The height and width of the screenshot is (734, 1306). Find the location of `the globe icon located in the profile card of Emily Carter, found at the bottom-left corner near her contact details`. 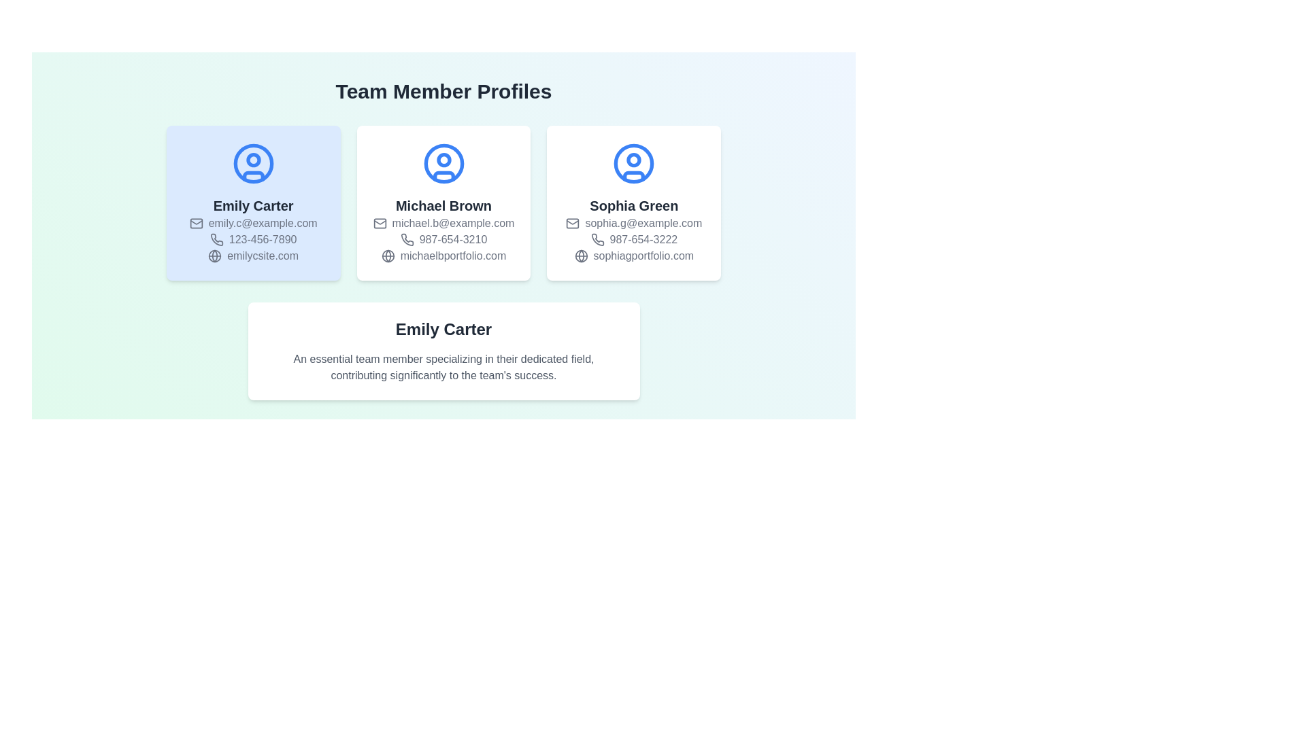

the globe icon located in the profile card of Emily Carter, found at the bottom-left corner near her contact details is located at coordinates (214, 256).